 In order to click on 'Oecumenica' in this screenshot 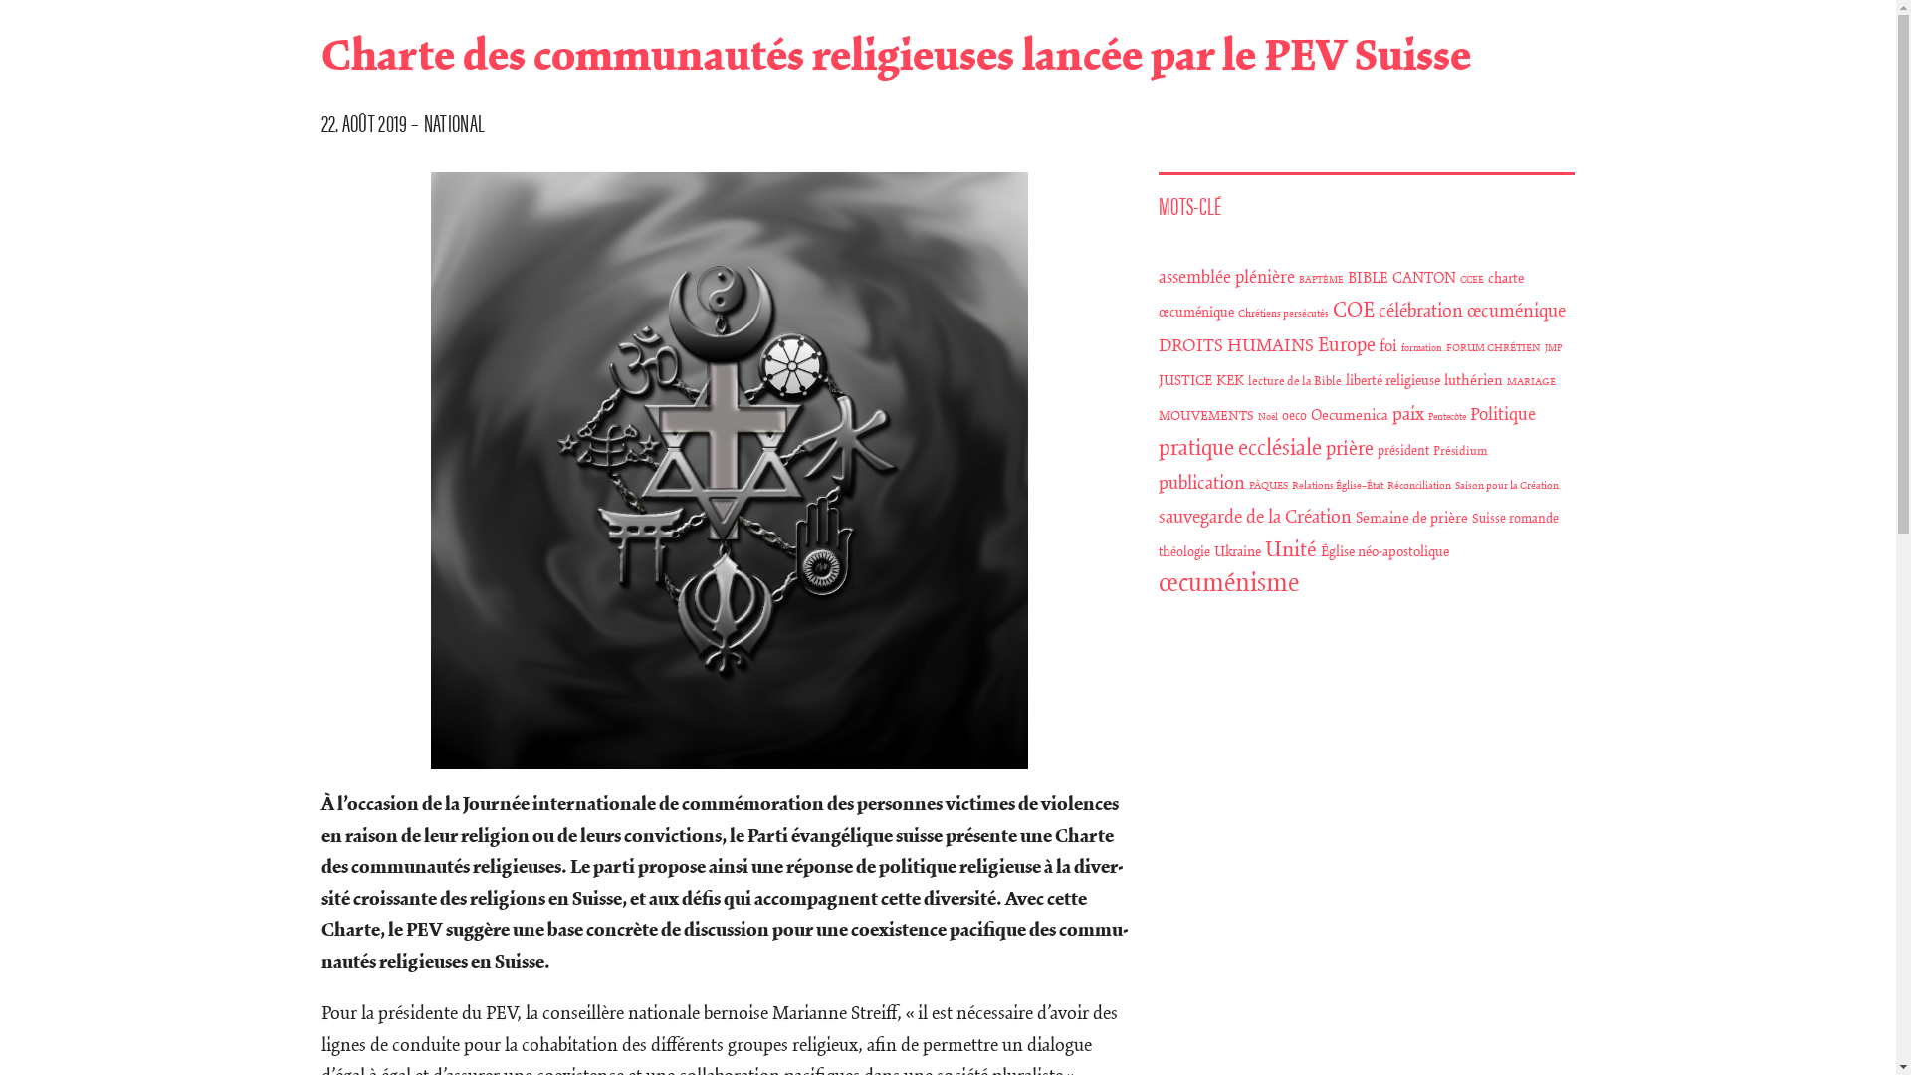, I will do `click(1350, 414)`.